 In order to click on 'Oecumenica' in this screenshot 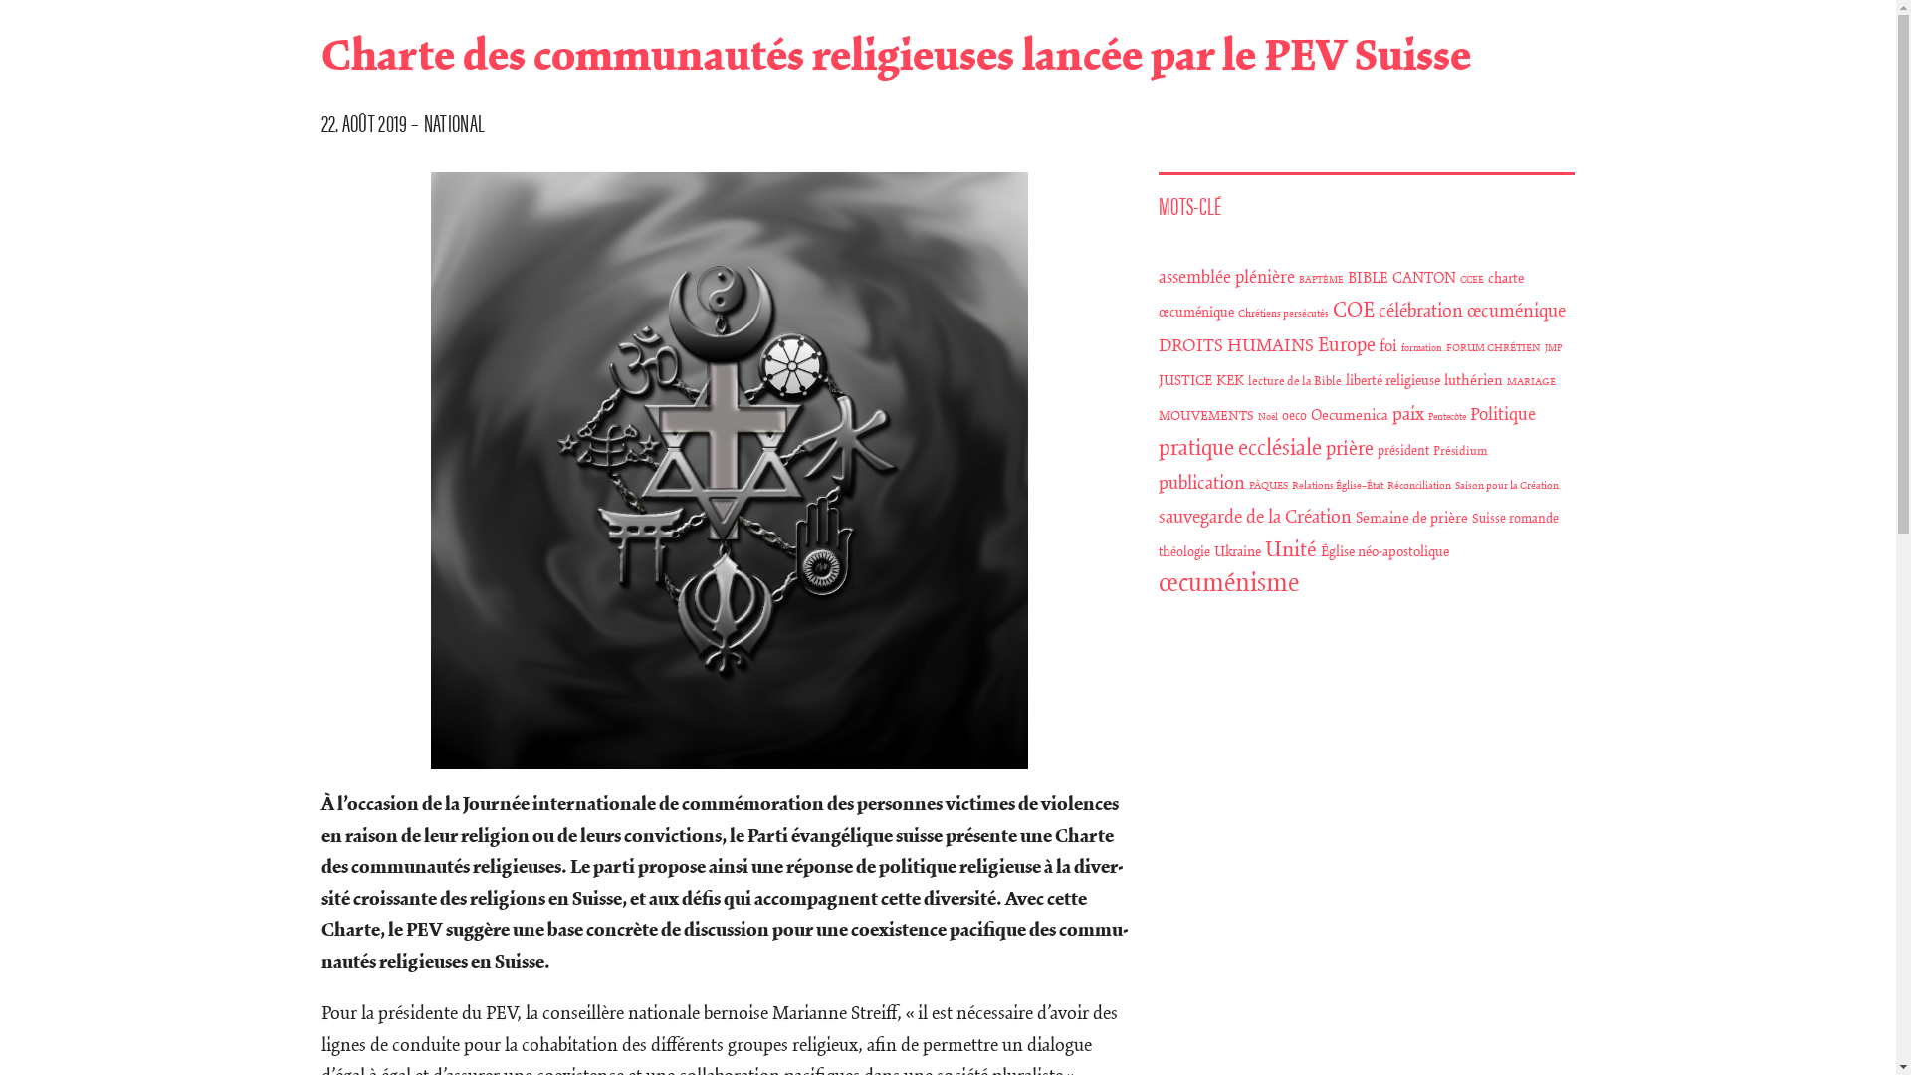, I will do `click(1350, 414)`.